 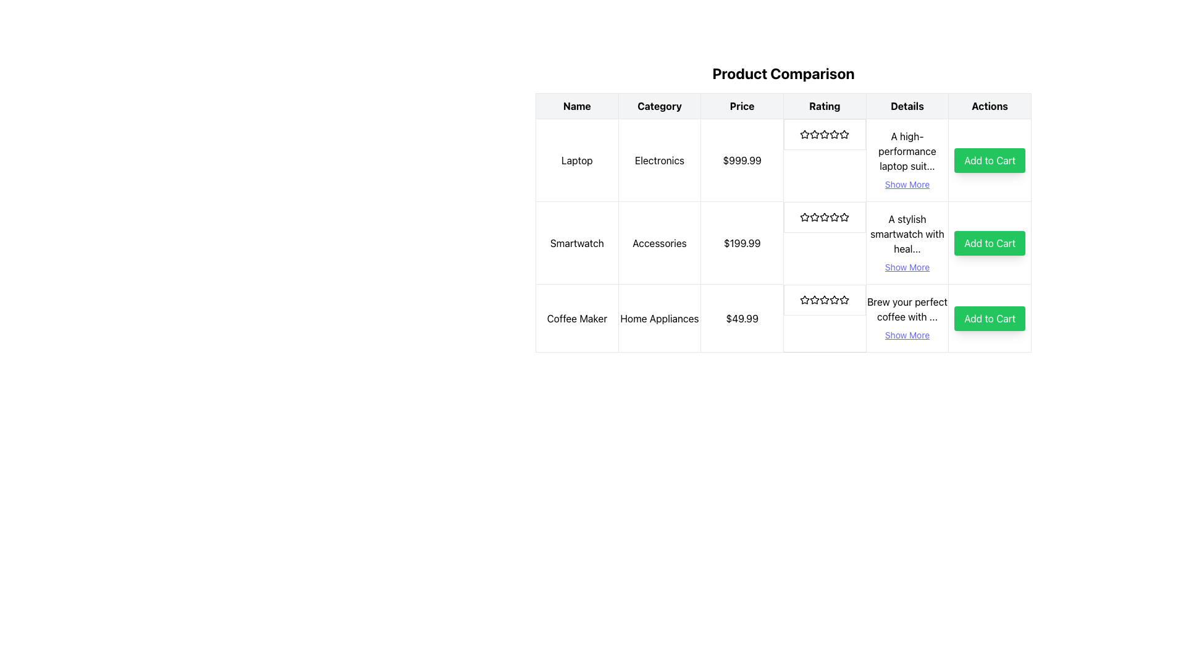 I want to click on the fourth star icon in the 5-star rating system for the Coffee Maker product located in the Rating column of the third row, so click(x=835, y=300).